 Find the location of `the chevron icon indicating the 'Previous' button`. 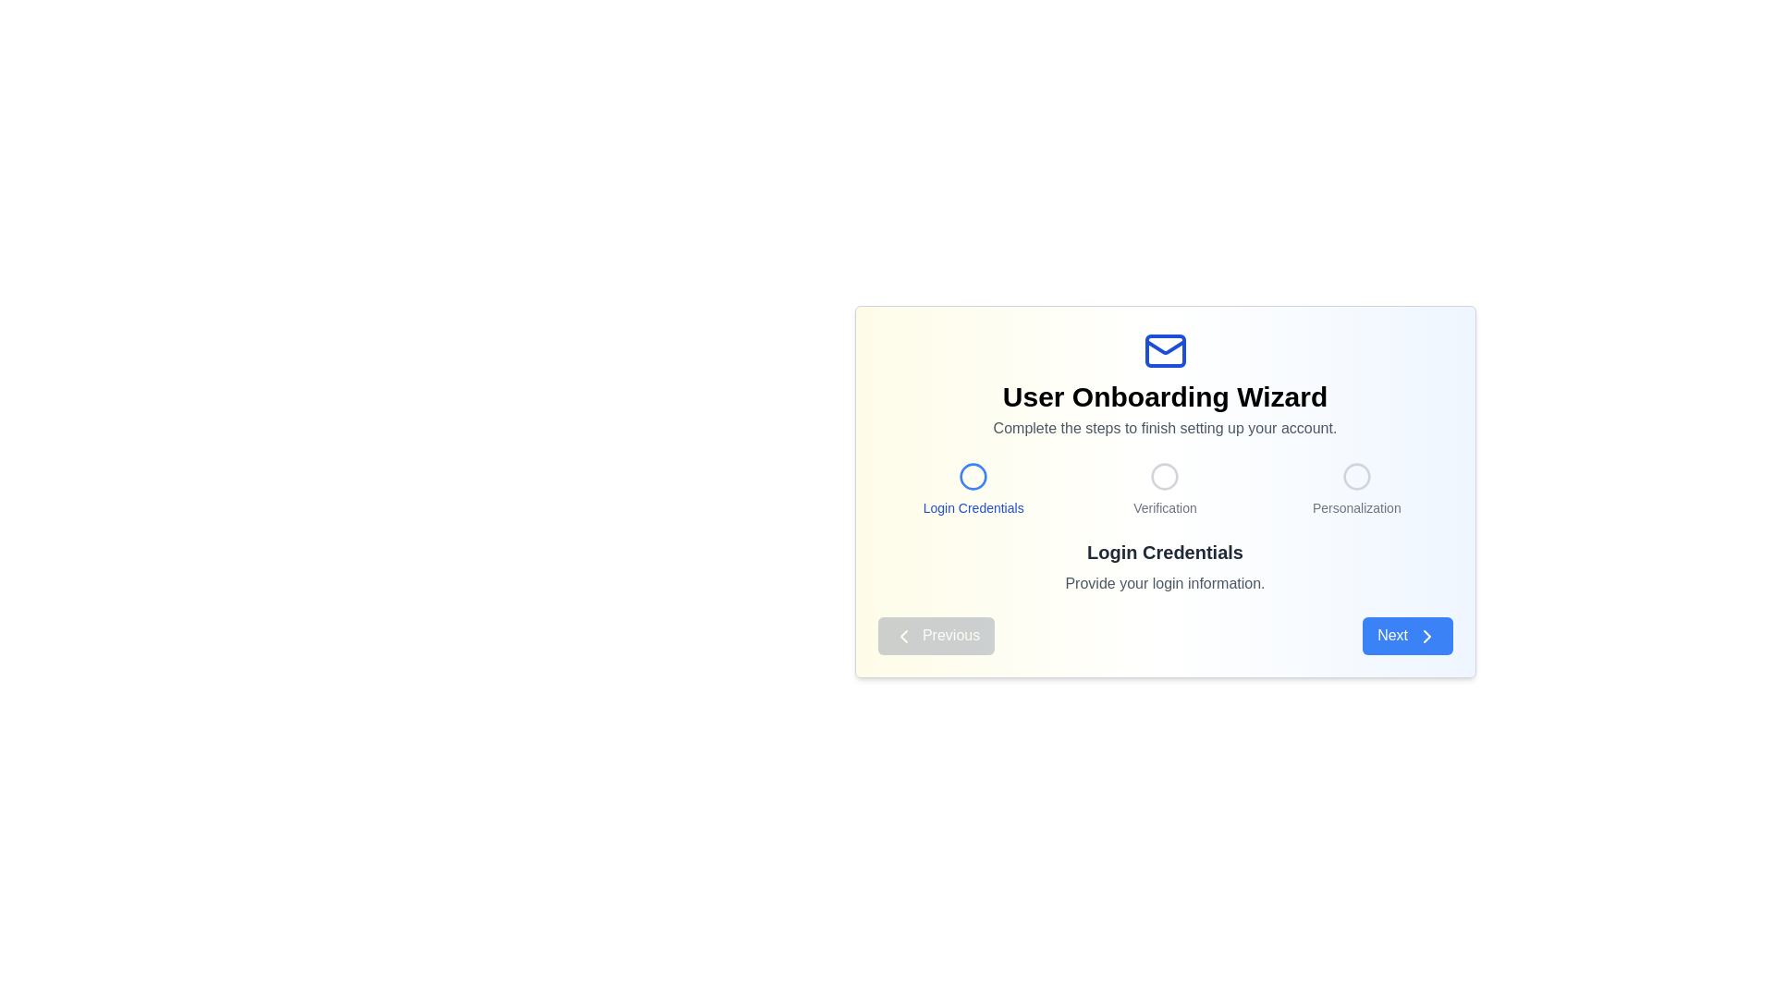

the chevron icon indicating the 'Previous' button is located at coordinates (903, 635).